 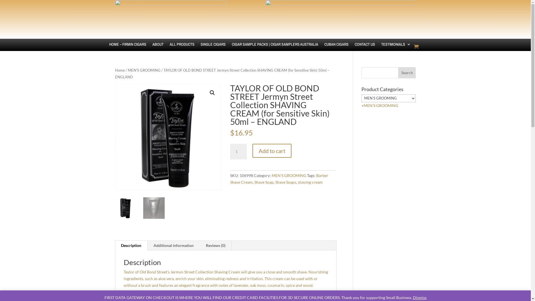 What do you see at coordinates (289, 175) in the screenshot?
I see `'MEN'S GROOMING'` at bounding box center [289, 175].